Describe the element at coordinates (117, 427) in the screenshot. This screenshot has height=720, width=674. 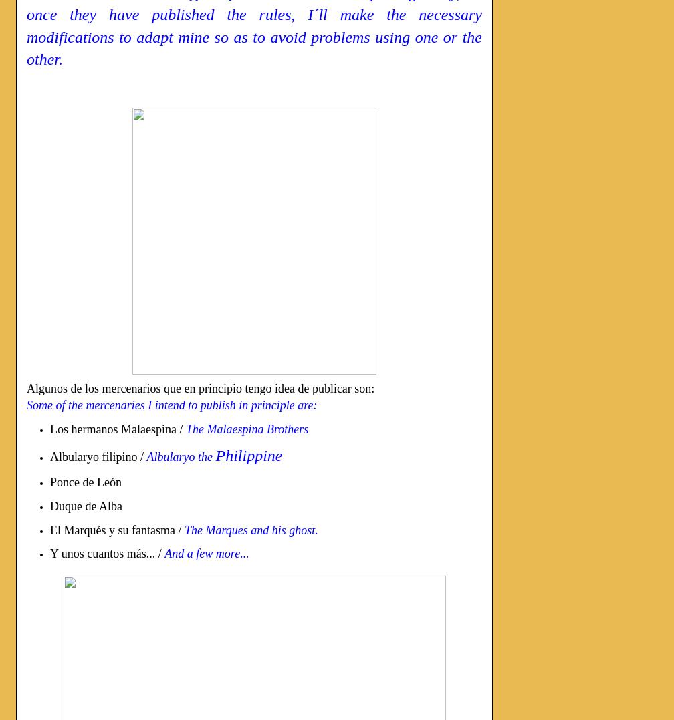
I see `'Los hermanos Malaespina /'` at that location.